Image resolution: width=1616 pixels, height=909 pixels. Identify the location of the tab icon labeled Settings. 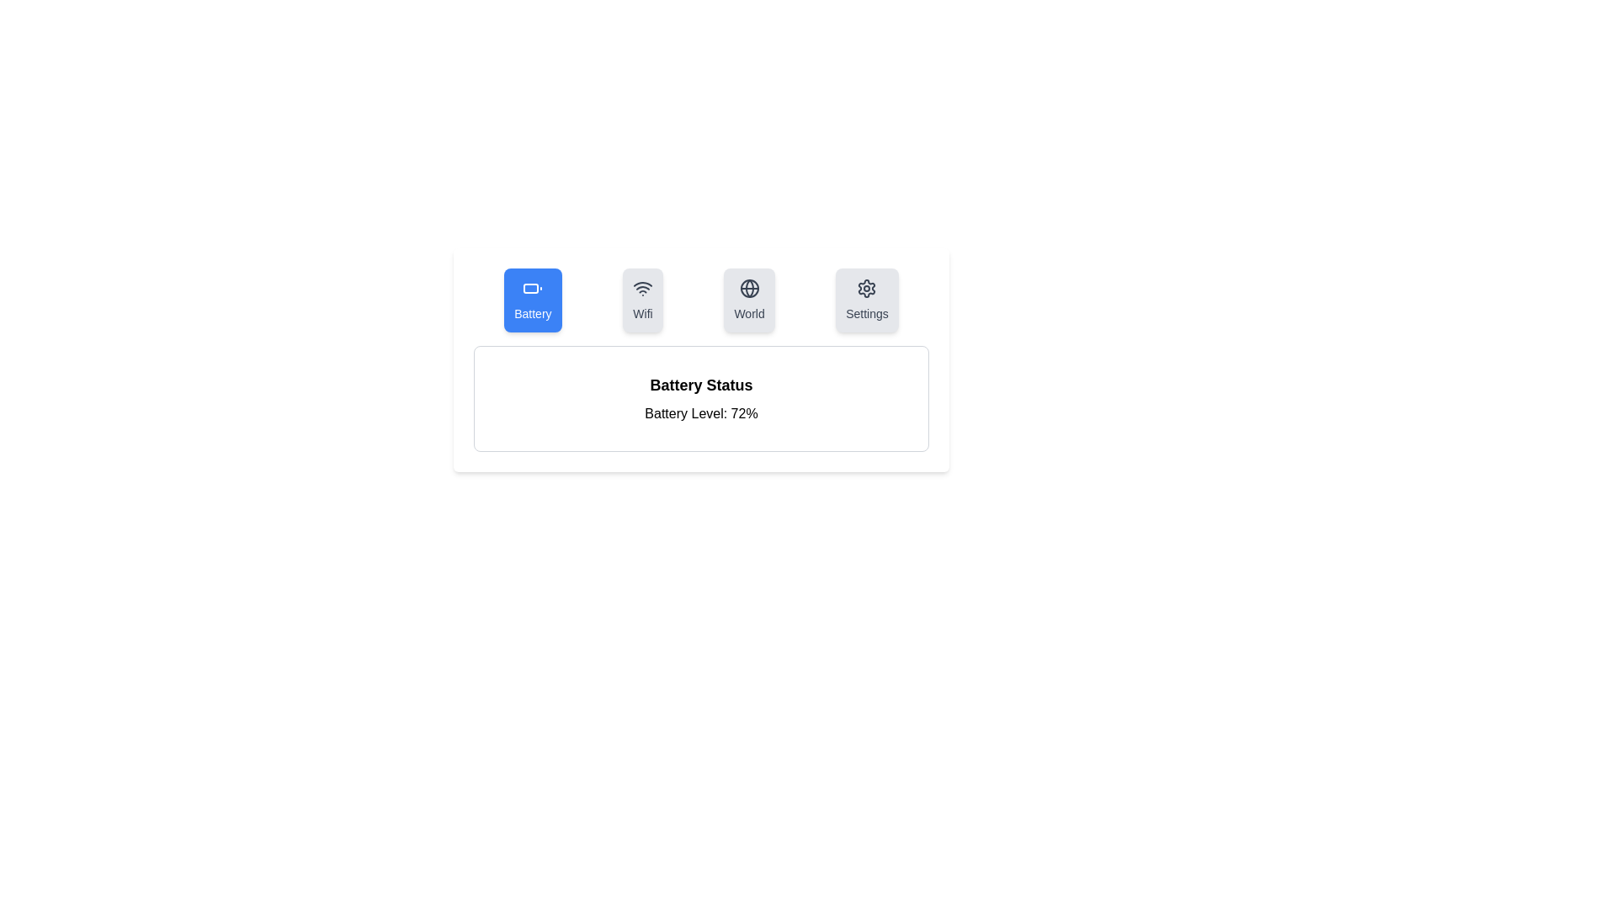
(867, 300).